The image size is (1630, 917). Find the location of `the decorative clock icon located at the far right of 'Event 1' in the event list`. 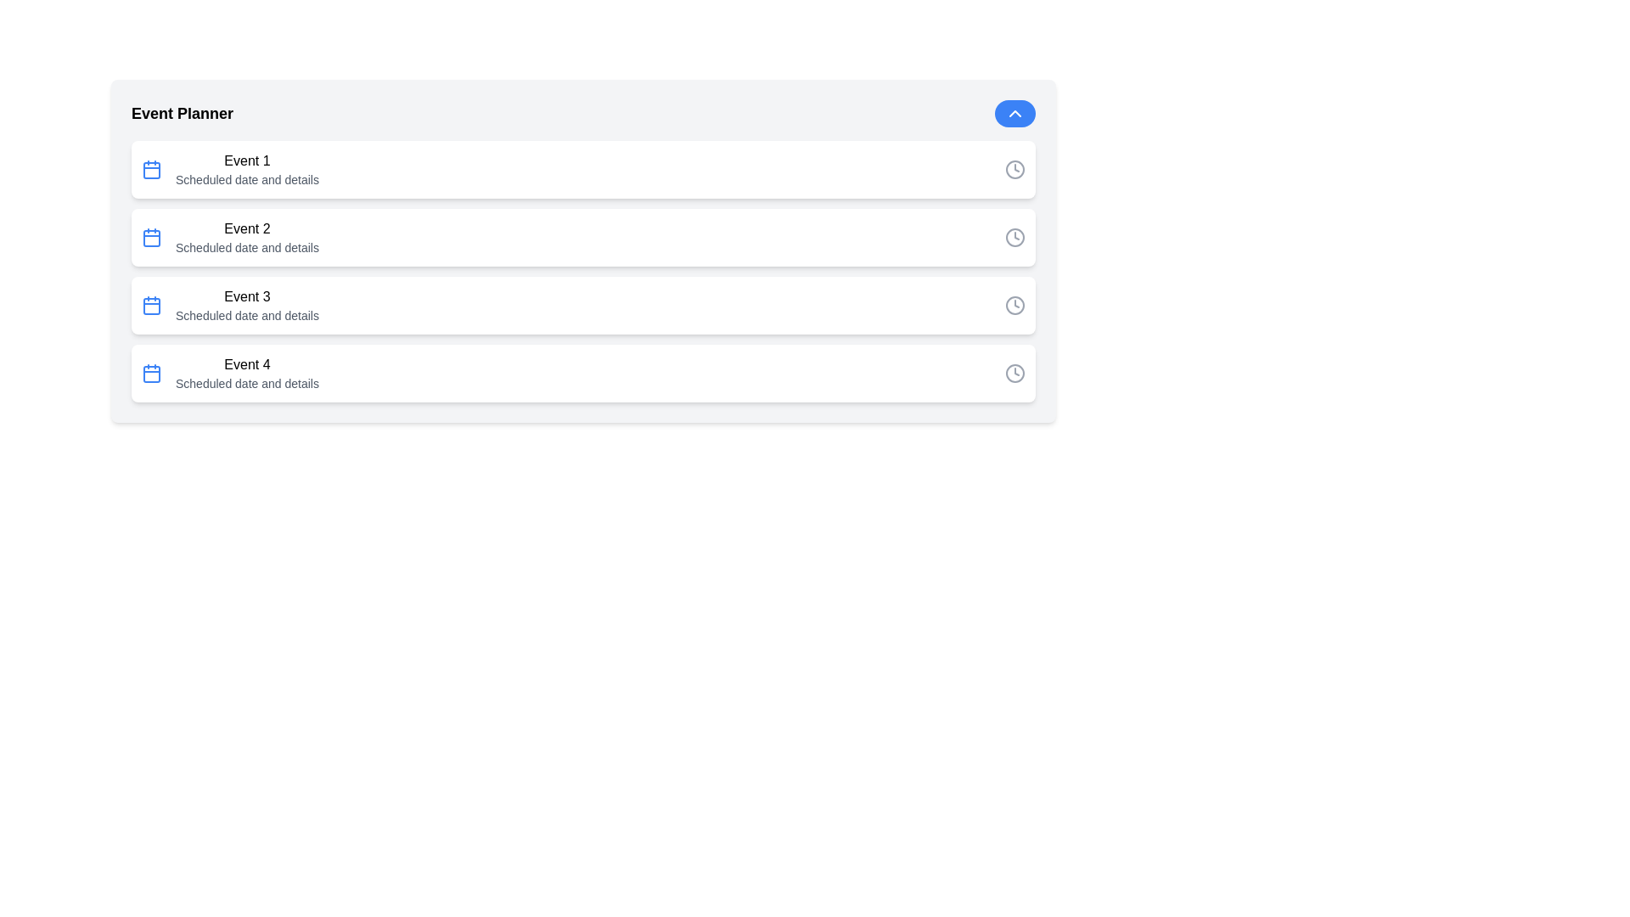

the decorative clock icon located at the far right of 'Event 1' in the event list is located at coordinates (1015, 170).